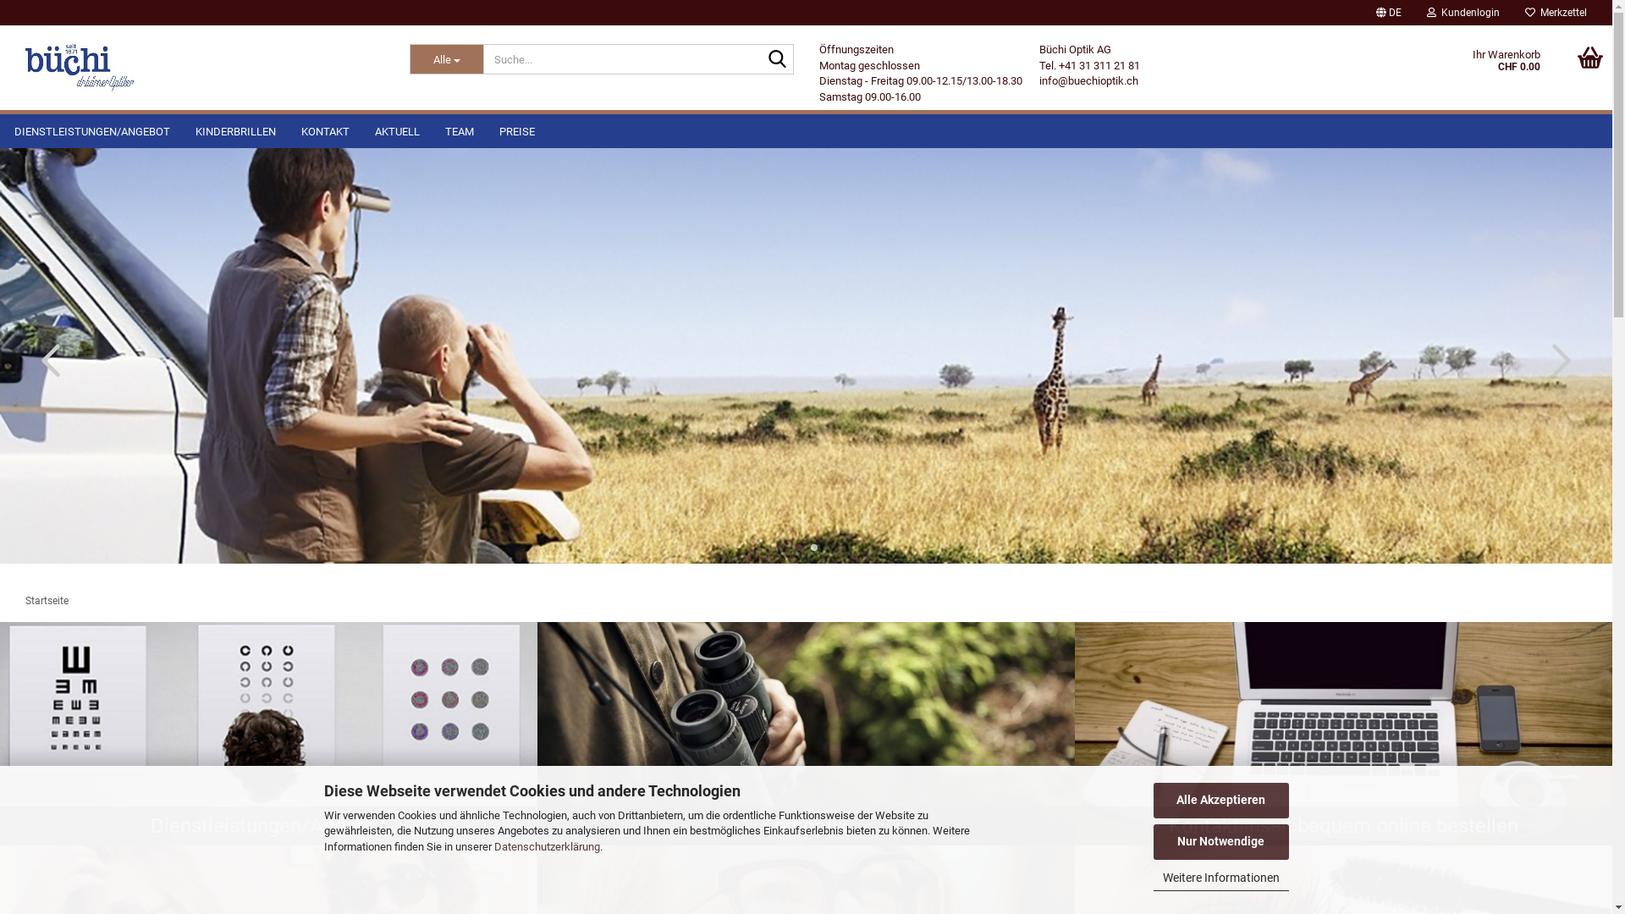 The image size is (1625, 914). What do you see at coordinates (47, 599) in the screenshot?
I see `'Startseite'` at bounding box center [47, 599].